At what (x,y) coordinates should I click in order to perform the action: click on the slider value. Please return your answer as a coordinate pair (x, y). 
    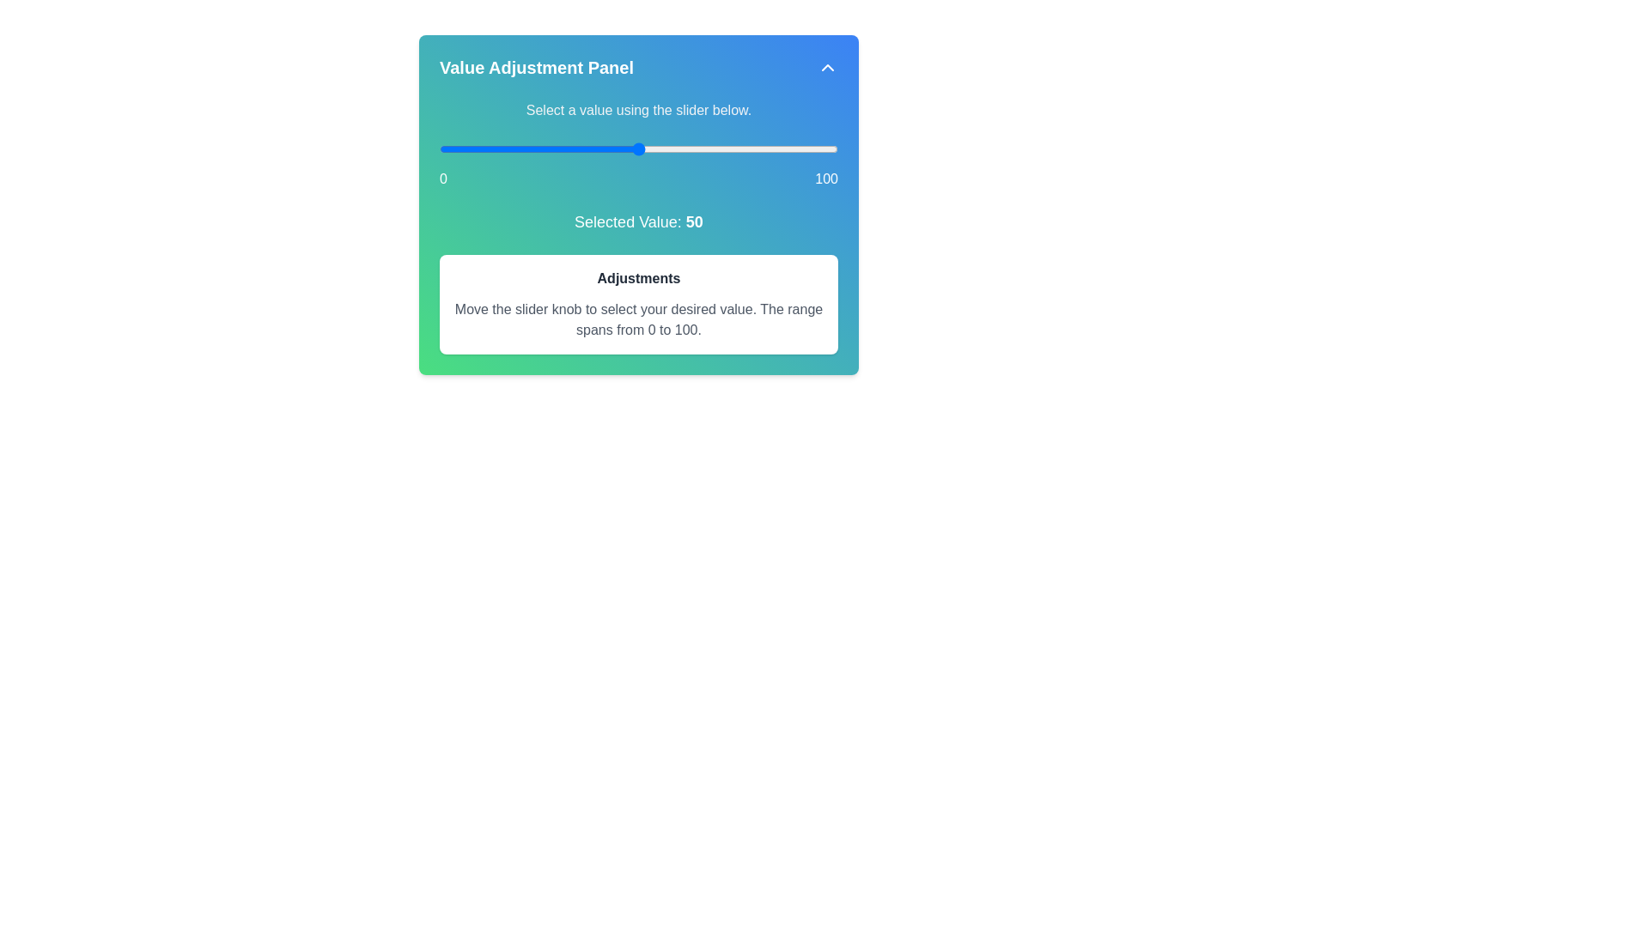
    Looking at the image, I should click on (770, 148).